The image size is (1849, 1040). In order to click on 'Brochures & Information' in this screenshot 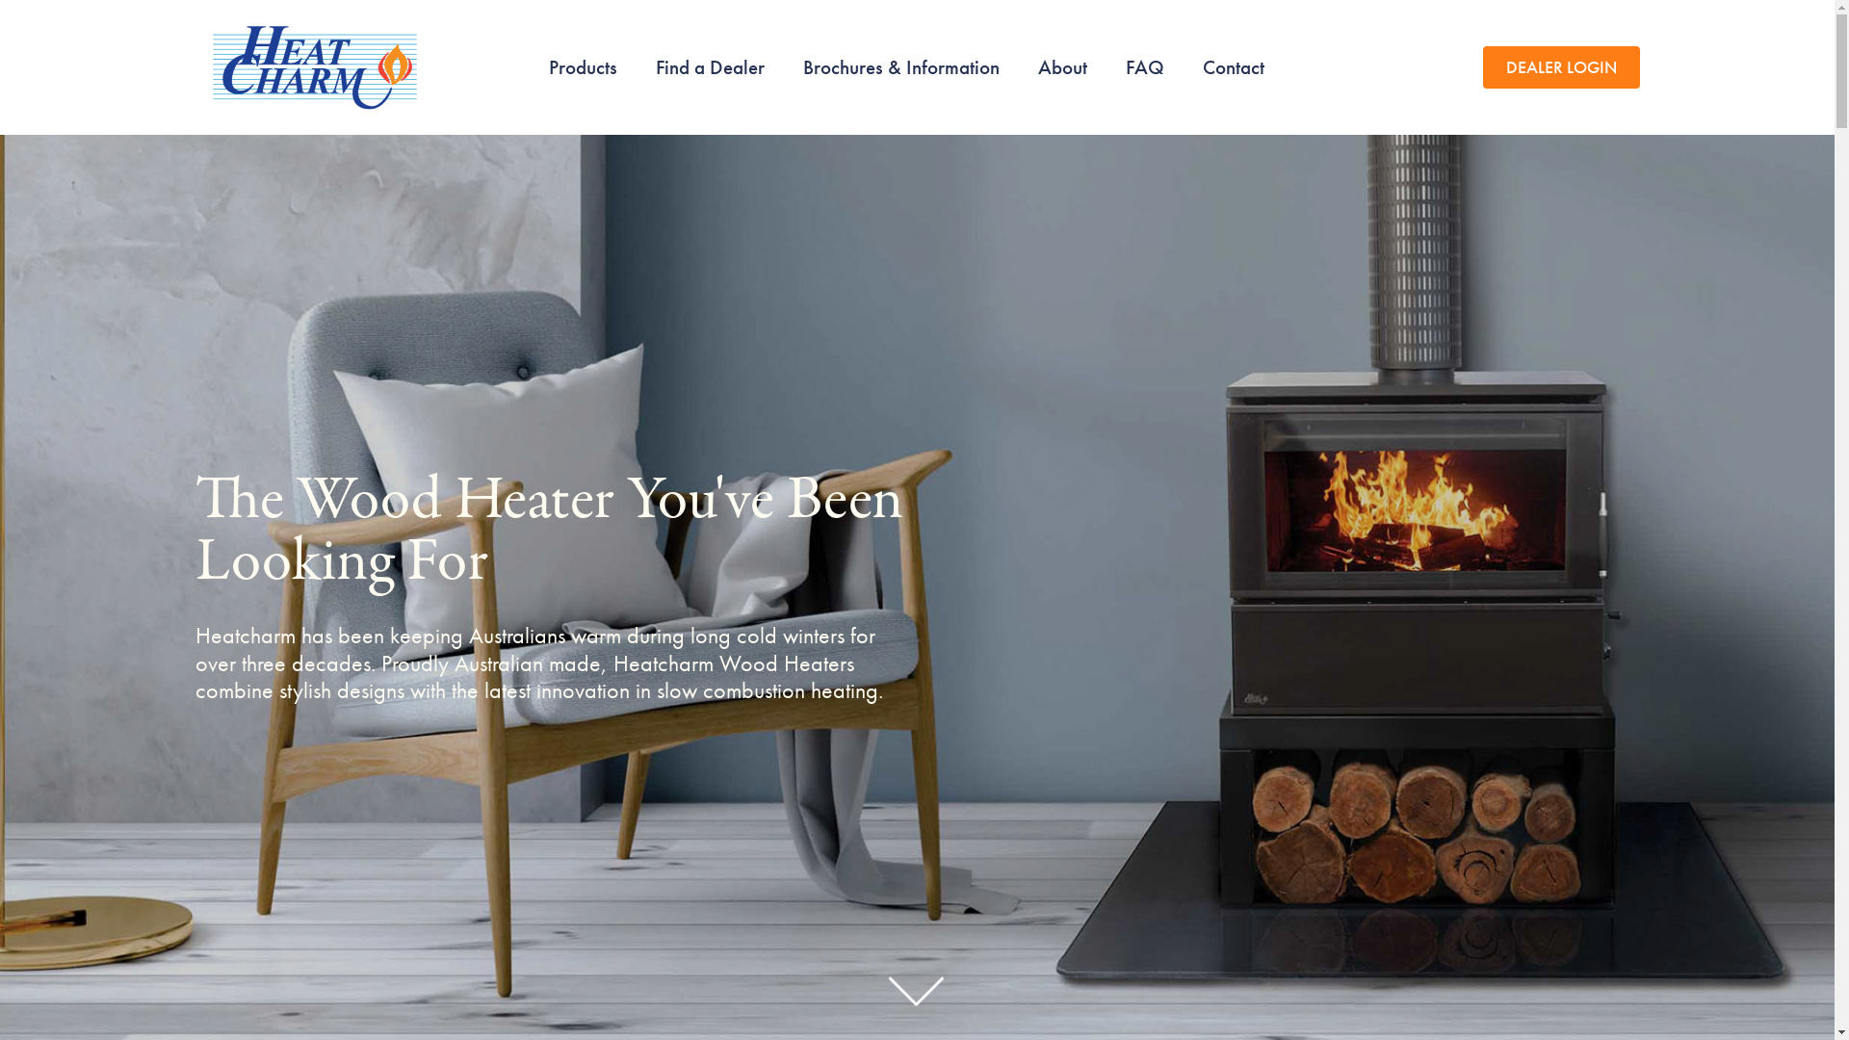, I will do `click(784, 65)`.